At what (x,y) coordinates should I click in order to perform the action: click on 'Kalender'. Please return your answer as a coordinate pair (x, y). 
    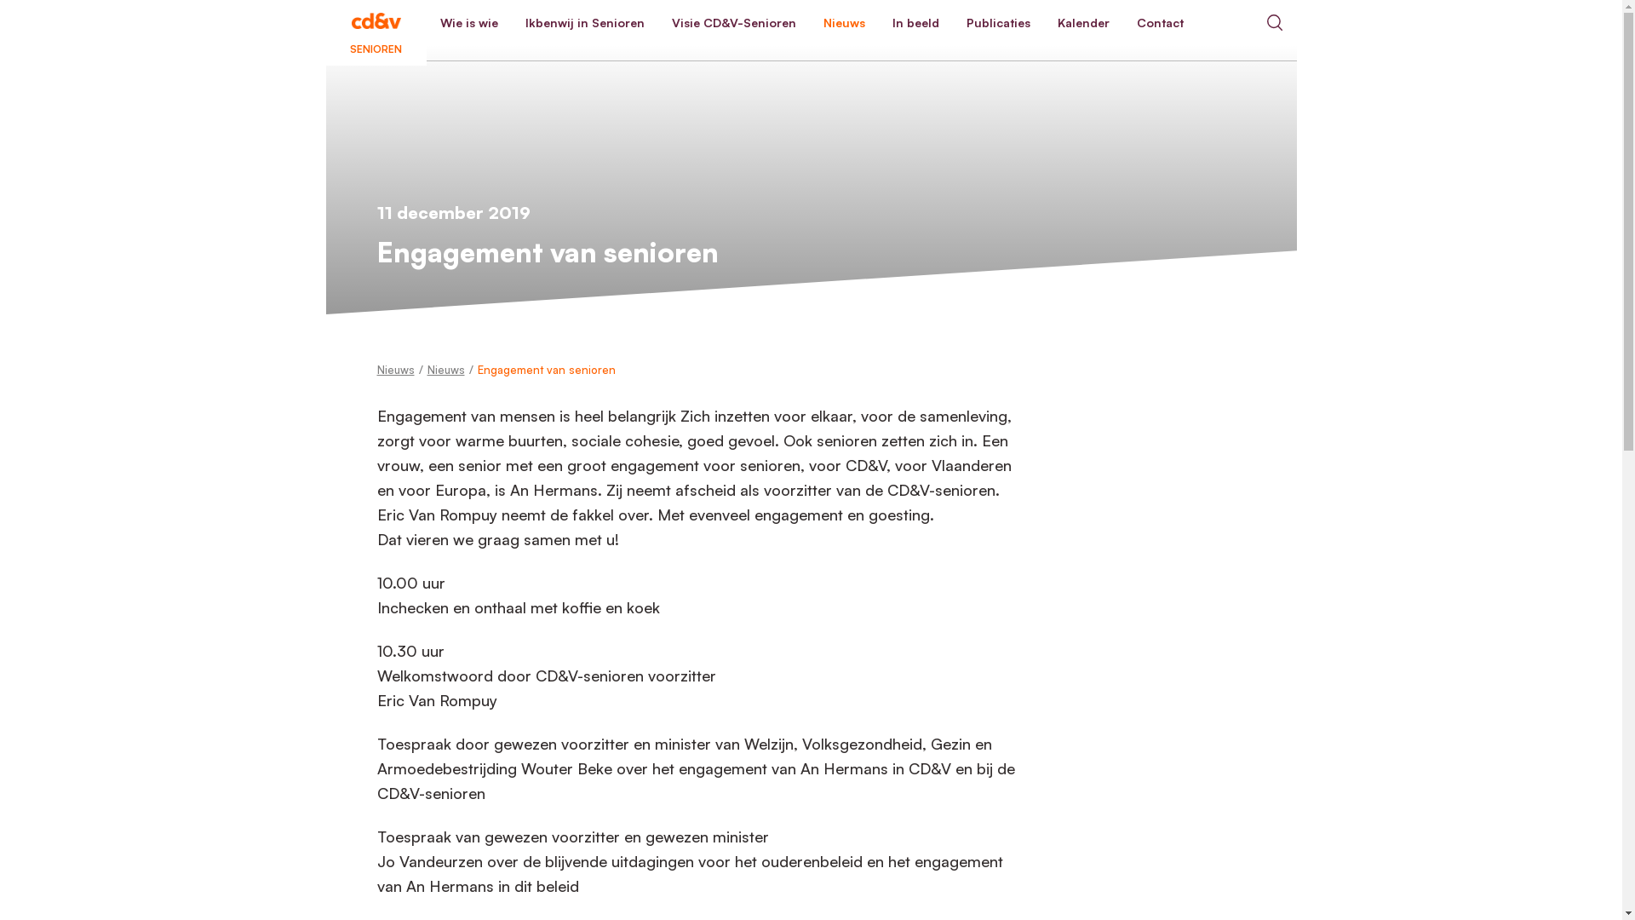
    Looking at the image, I should click on (1082, 23).